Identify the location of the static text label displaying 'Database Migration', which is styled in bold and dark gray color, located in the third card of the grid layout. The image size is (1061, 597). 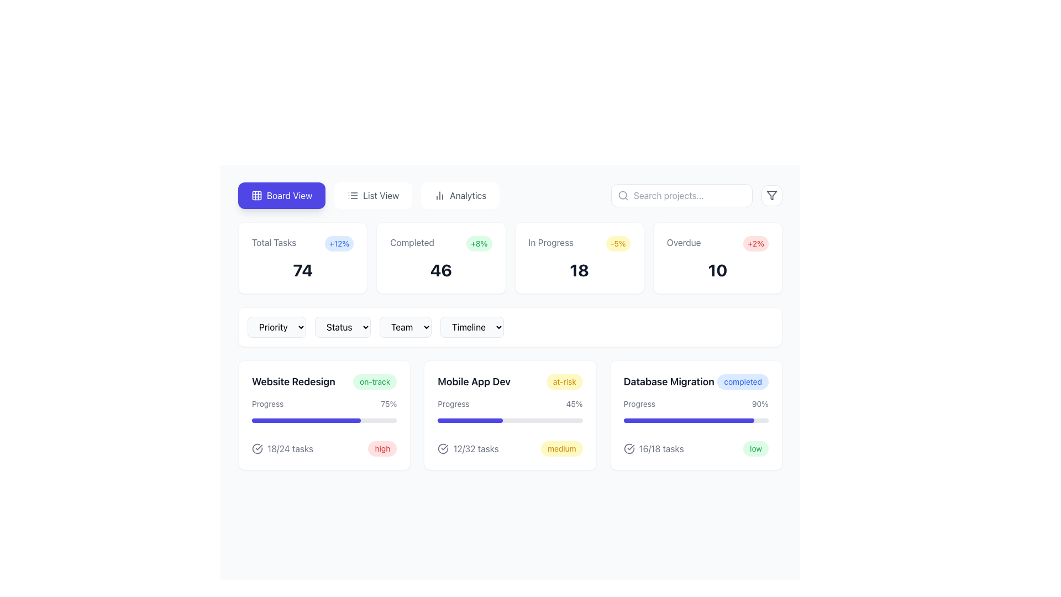
(668, 381).